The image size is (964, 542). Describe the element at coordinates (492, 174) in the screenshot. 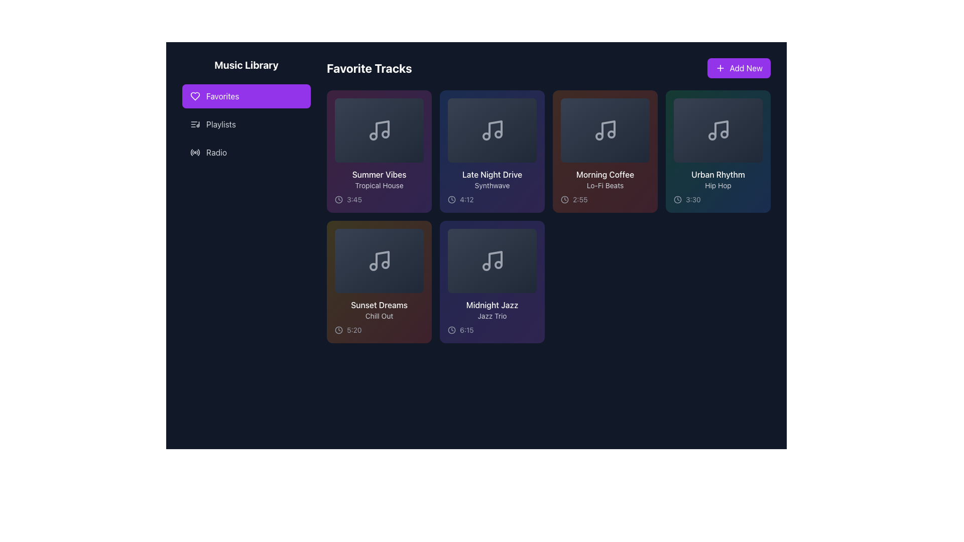

I see `the text label that reads 'Late Night Drive', styled in white on a gradient dark purple background, located in the second card from the left in the top row of the 'Favorite Tracks' section` at that location.